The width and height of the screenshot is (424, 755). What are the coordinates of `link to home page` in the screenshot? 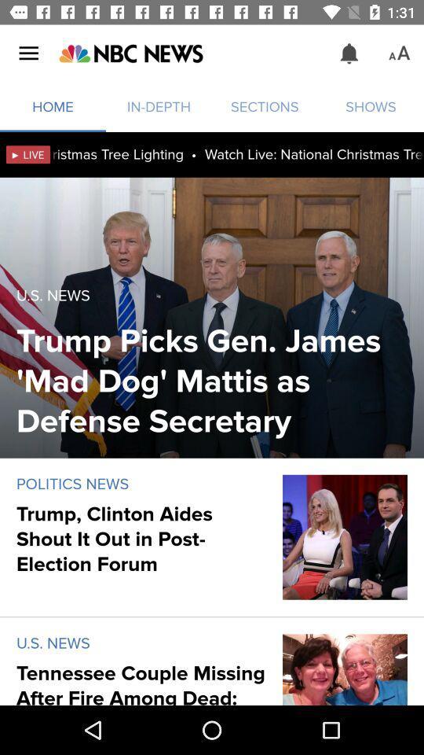 It's located at (130, 53).